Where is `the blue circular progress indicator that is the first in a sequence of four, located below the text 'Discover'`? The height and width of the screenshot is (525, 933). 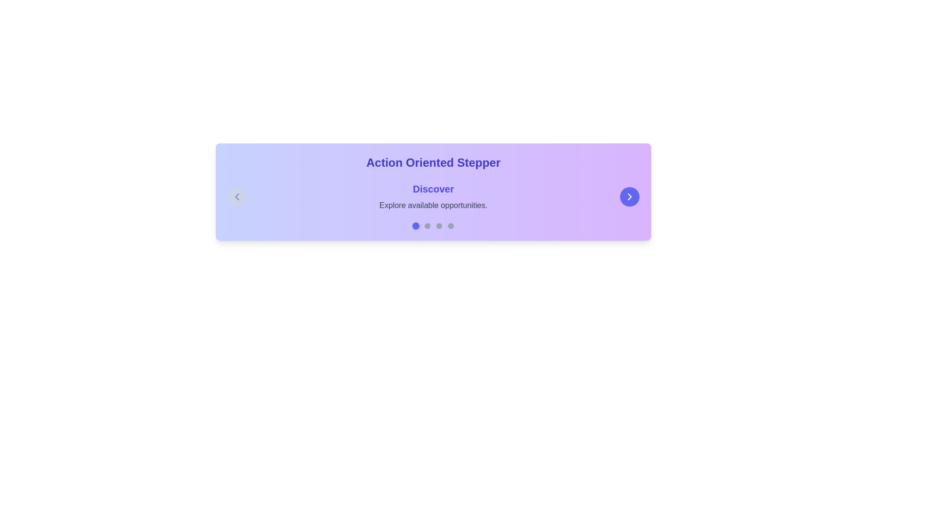 the blue circular progress indicator that is the first in a sequence of four, located below the text 'Discover' is located at coordinates (415, 226).